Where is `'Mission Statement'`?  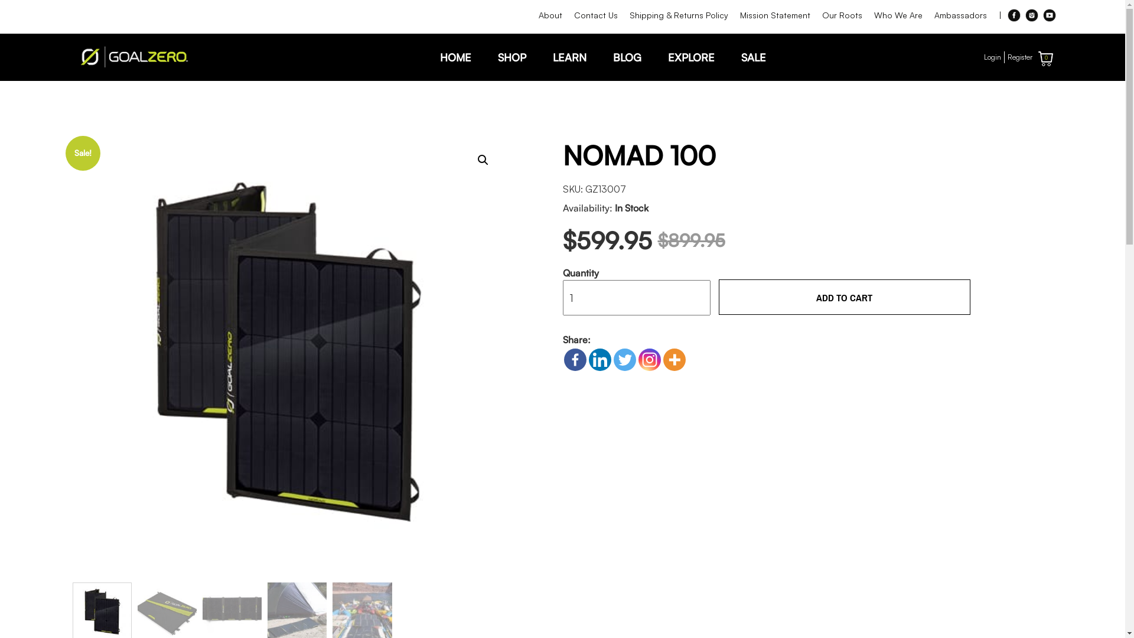
'Mission Statement' is located at coordinates (774, 15).